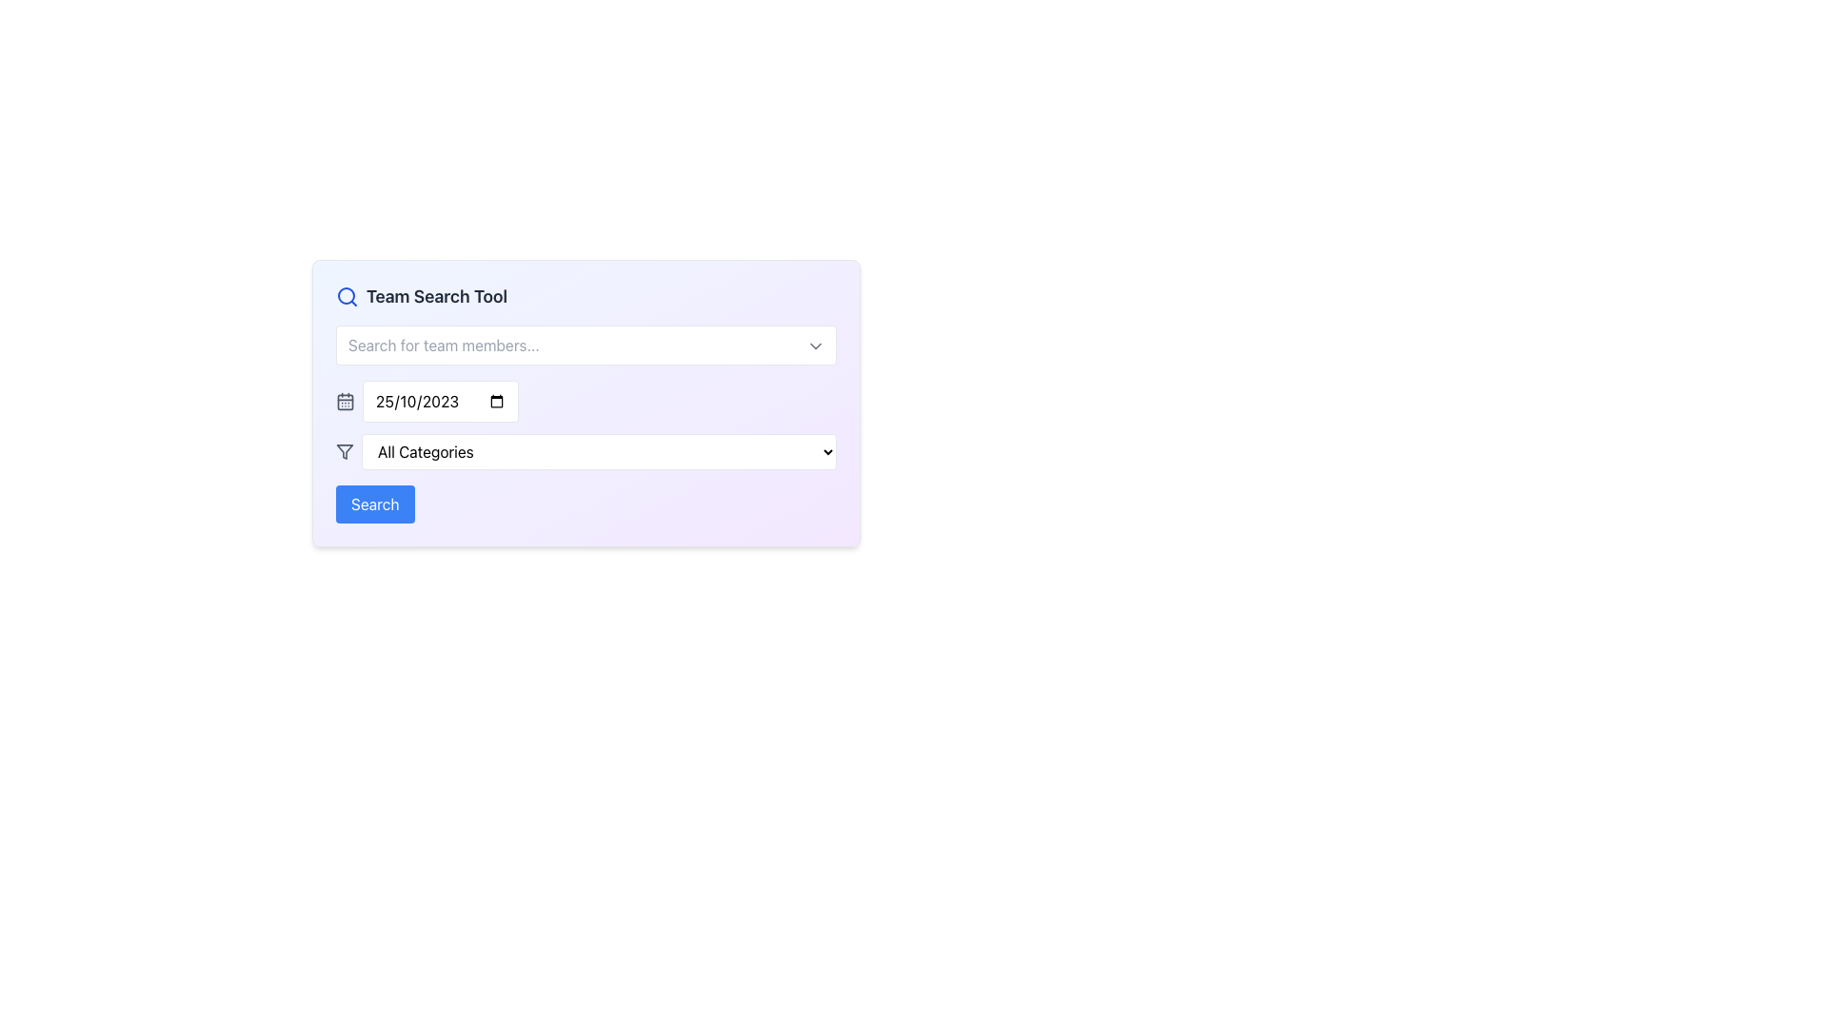 The width and height of the screenshot is (1828, 1028). What do you see at coordinates (816, 346) in the screenshot?
I see `the downward-pointing chevron icon located at the top-right of the search input field titled 'Search for team members...'` at bounding box center [816, 346].